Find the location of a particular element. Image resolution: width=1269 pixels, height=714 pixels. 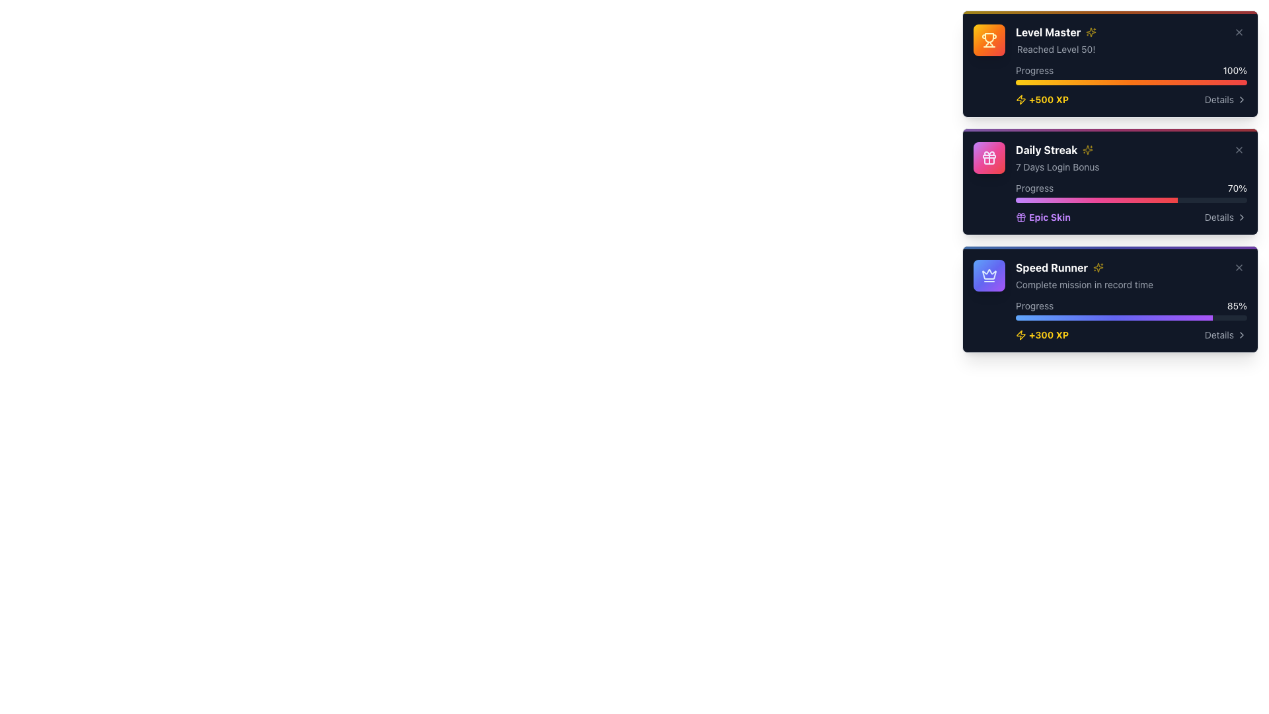

the interactive hyperlink section summarizing the reward for 'Epic Skin' located in the bottom right corner of the 'Daily Streak' card is located at coordinates (1131, 216).